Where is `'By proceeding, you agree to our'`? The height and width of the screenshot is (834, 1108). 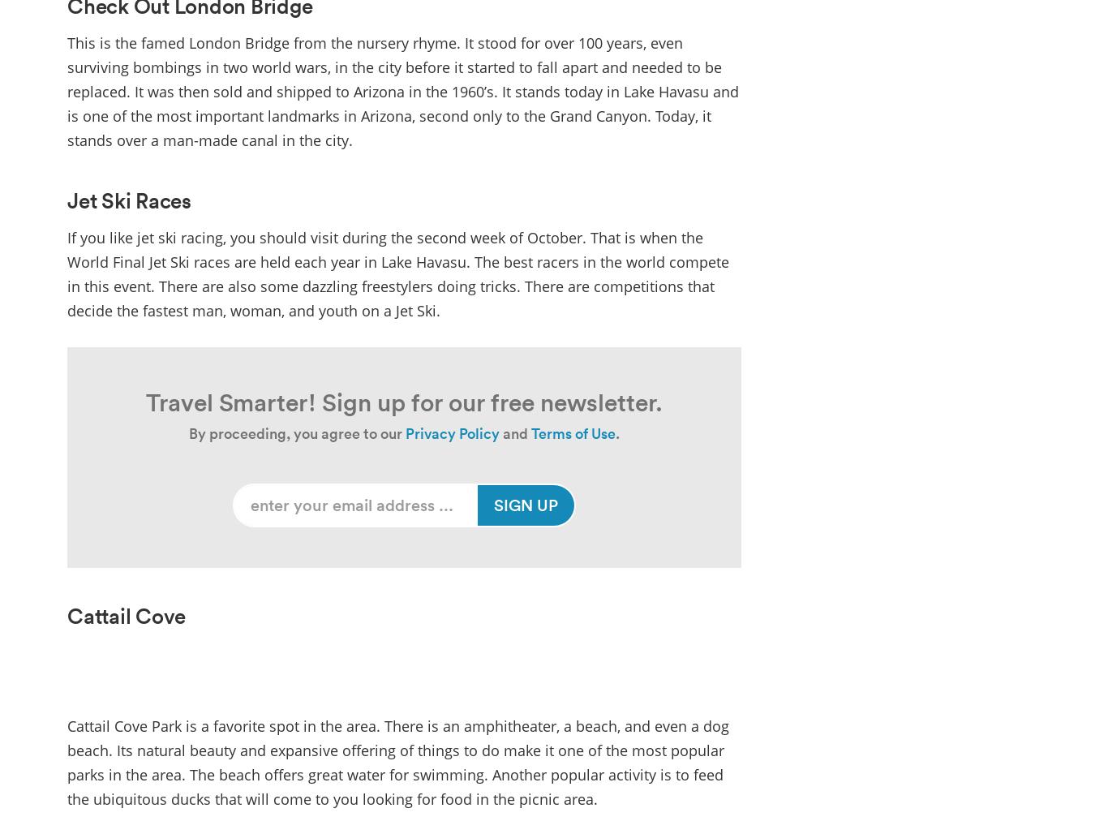 'By proceeding, you agree to our' is located at coordinates (295, 432).